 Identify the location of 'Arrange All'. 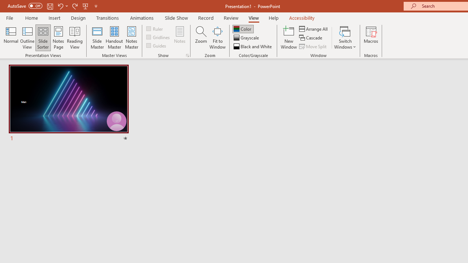
(314, 28).